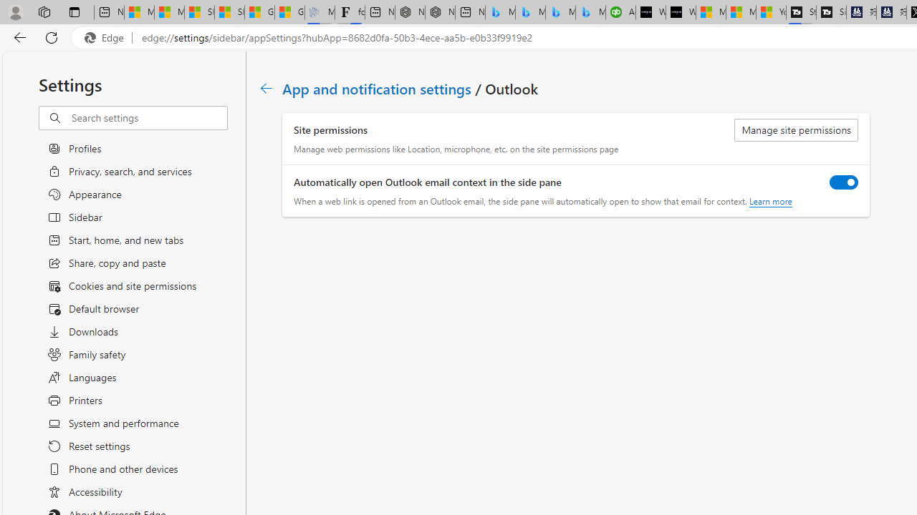 The width and height of the screenshot is (917, 515). Describe the element at coordinates (149, 117) in the screenshot. I see `'Search settings'` at that location.